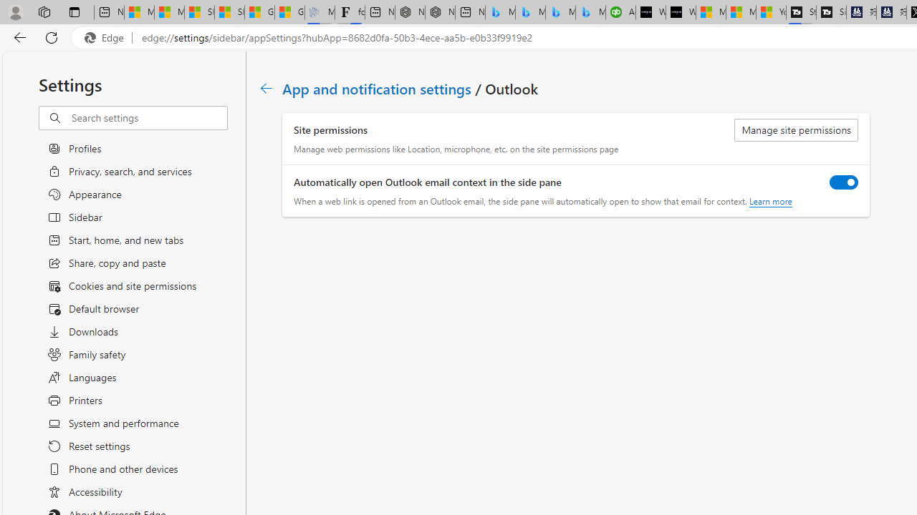 The width and height of the screenshot is (917, 515). Describe the element at coordinates (149, 117) in the screenshot. I see `'Search settings'` at that location.